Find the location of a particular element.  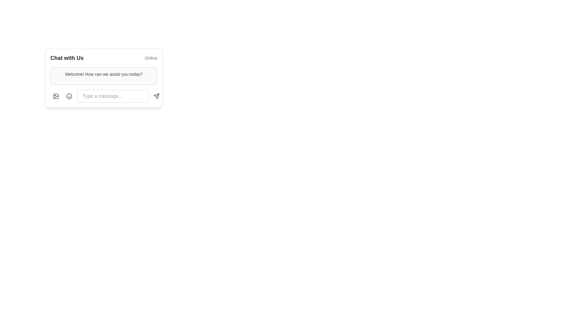

the smiley face icon located inside the chat input bar, near the left side is located at coordinates (69, 96).